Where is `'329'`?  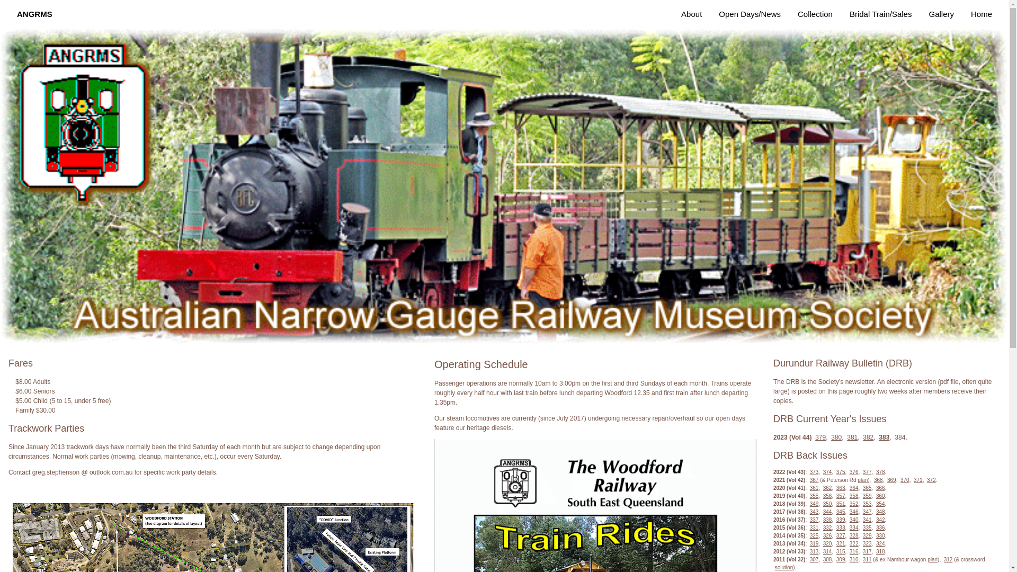 '329' is located at coordinates (867, 535).